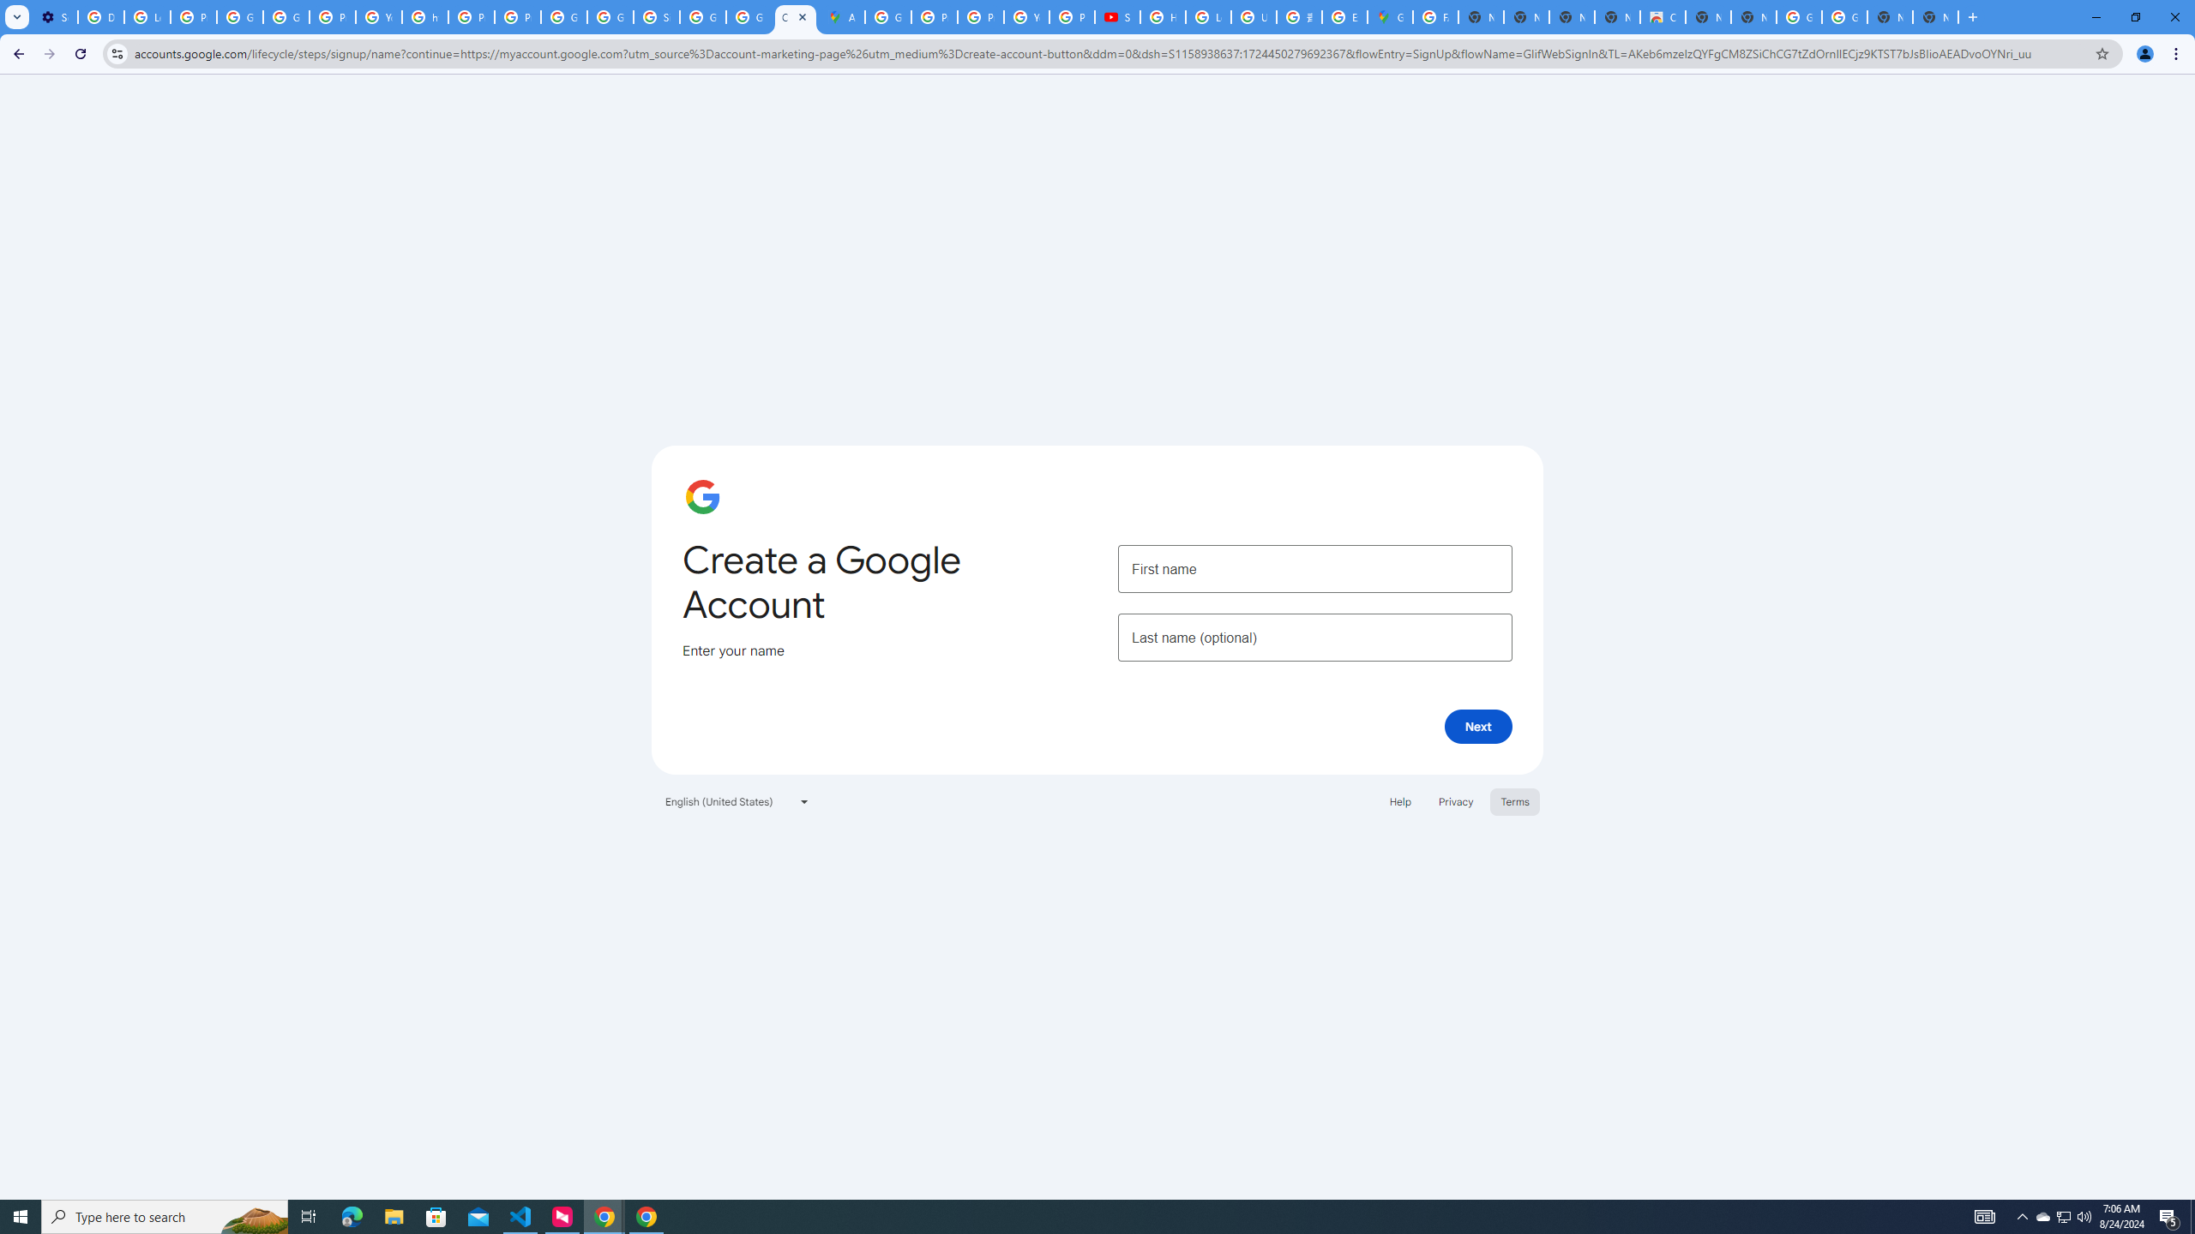 The width and height of the screenshot is (2195, 1234). I want to click on 'YouTube', so click(378, 16).